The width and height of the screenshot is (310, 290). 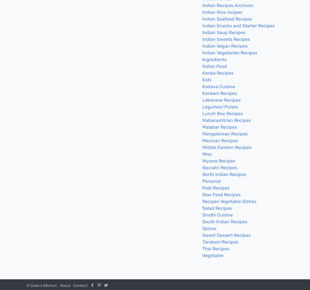 I want to click on 'Vegetable', so click(x=212, y=255).